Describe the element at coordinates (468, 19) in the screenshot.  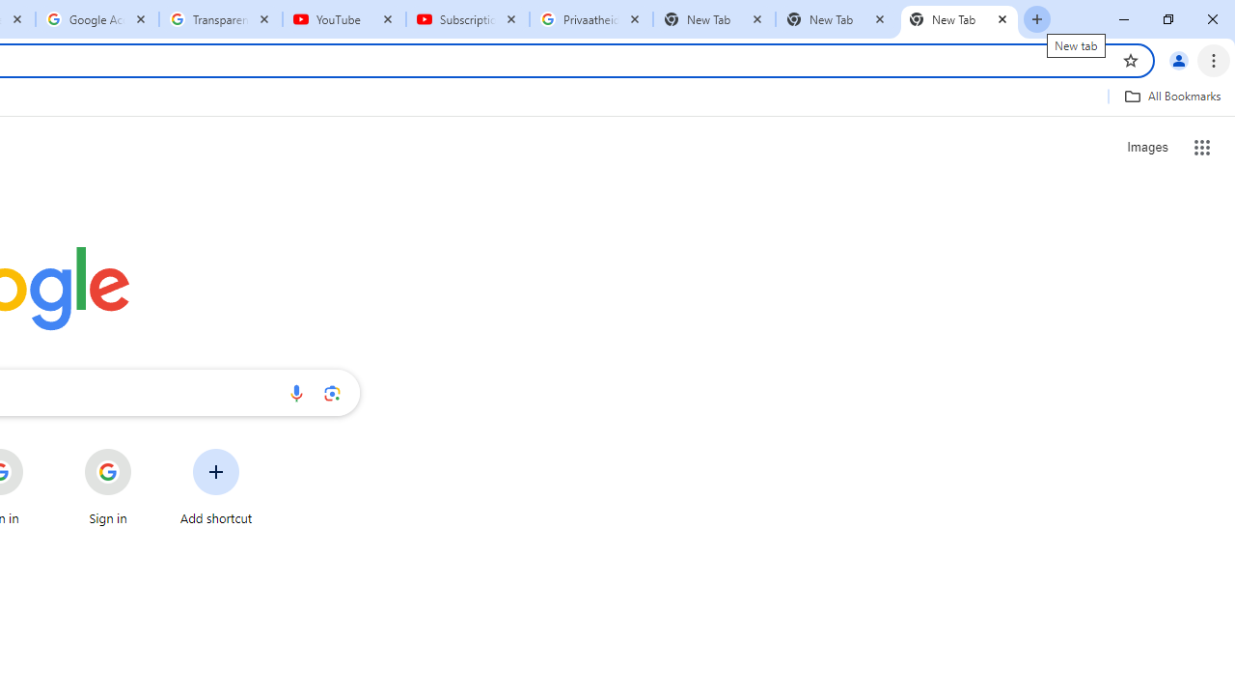
I see `'Subscriptions - YouTube'` at that location.